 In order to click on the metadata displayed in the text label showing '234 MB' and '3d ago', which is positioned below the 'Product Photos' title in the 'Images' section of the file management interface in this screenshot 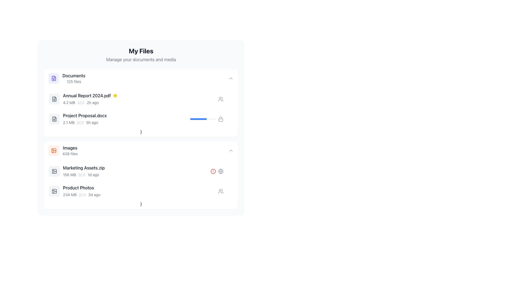, I will do `click(141, 195)`.